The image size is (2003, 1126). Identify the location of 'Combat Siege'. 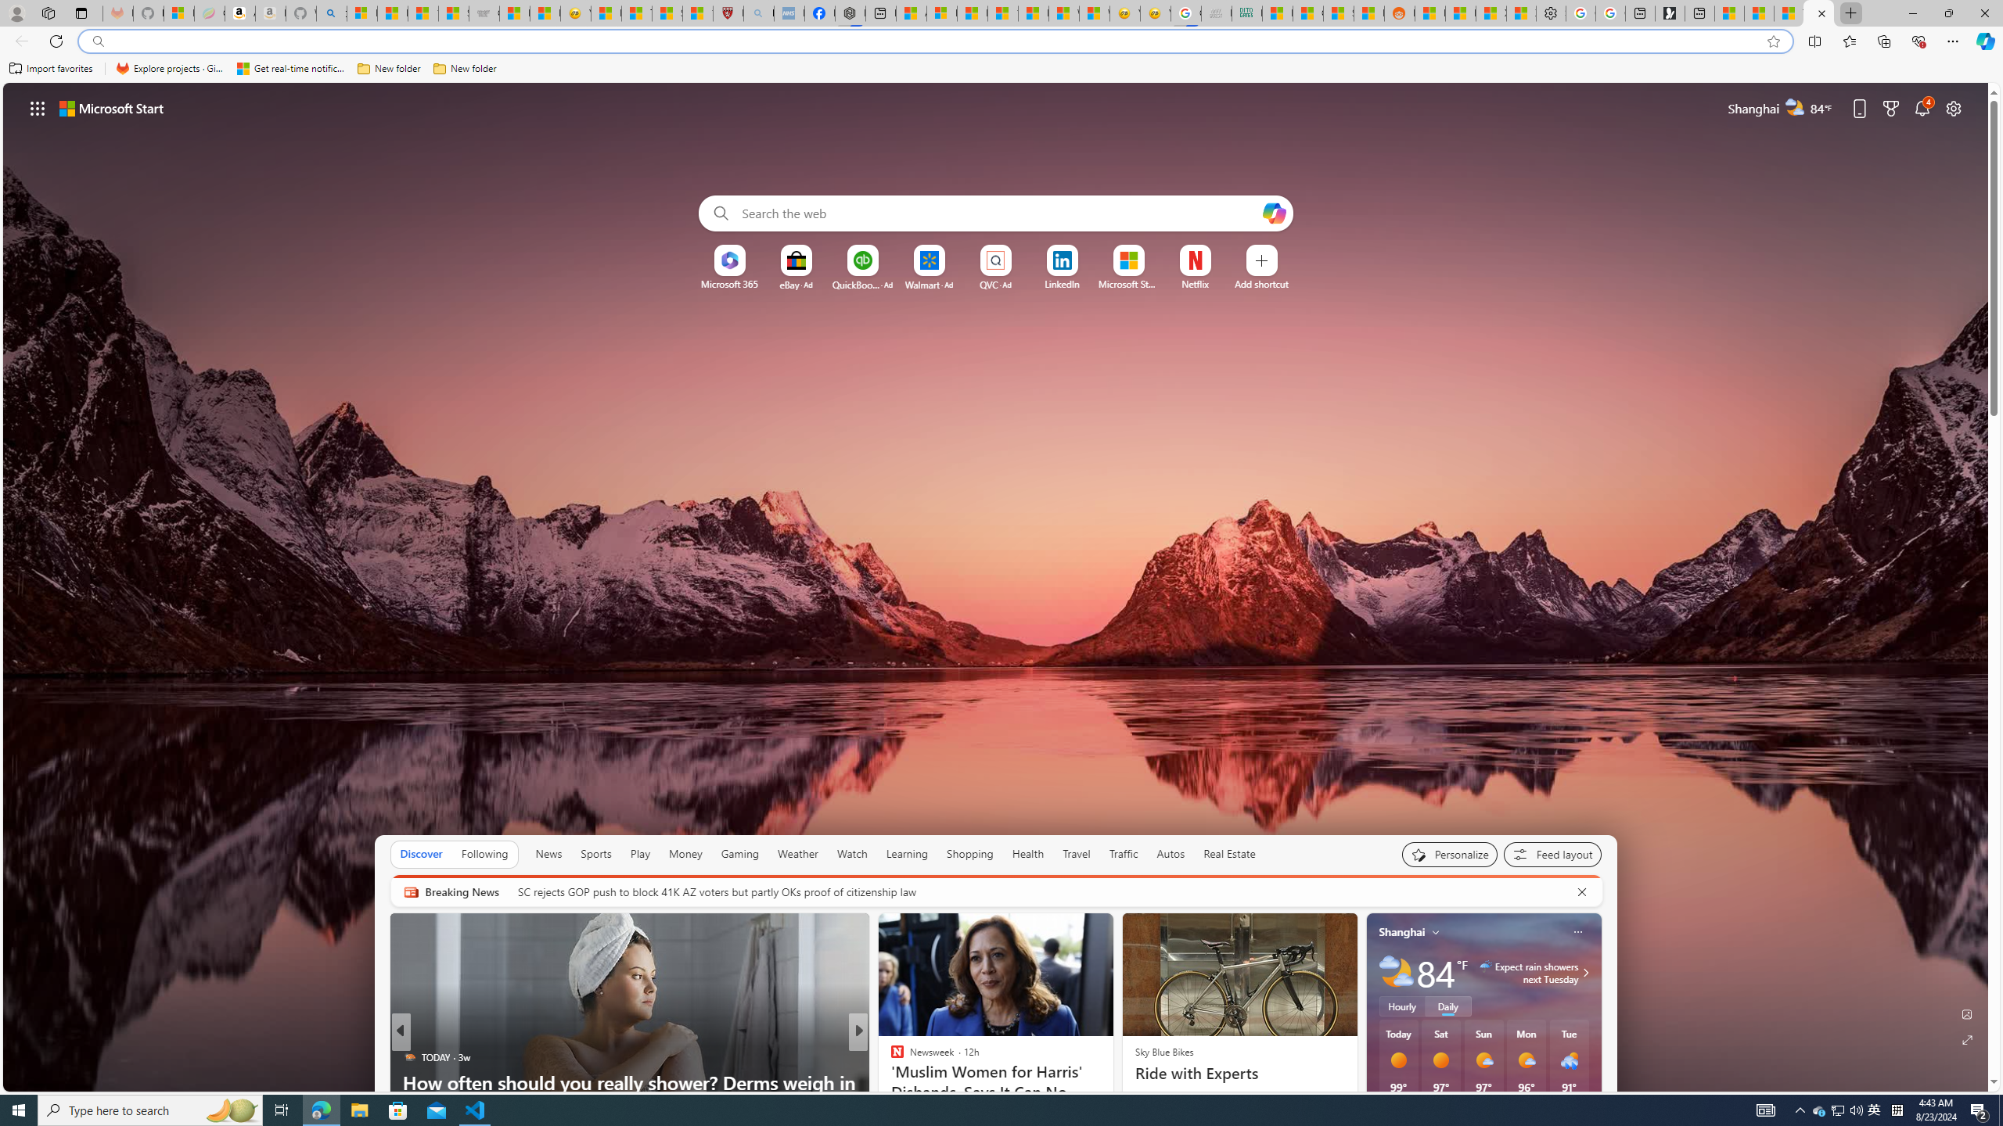
(484, 13).